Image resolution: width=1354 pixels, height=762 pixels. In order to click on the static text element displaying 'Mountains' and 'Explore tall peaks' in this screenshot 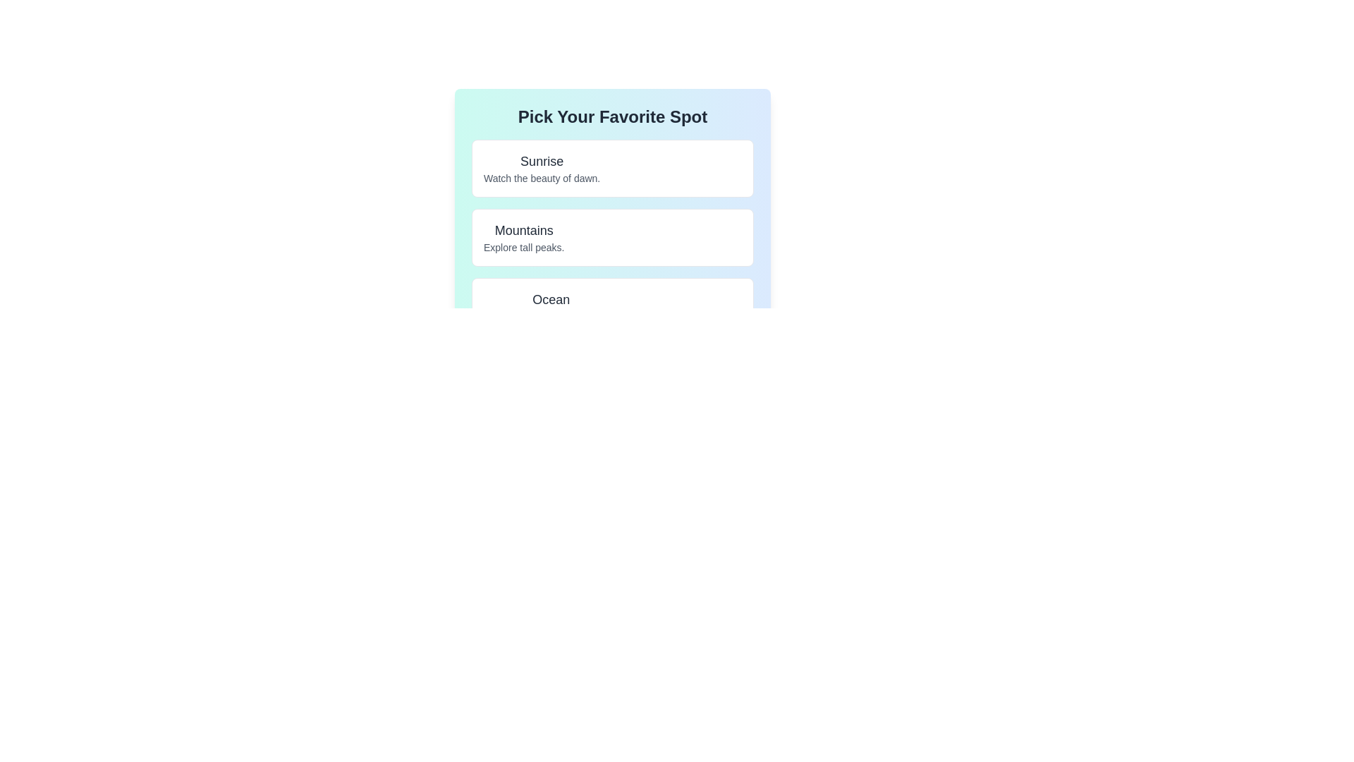, I will do `click(523, 236)`.